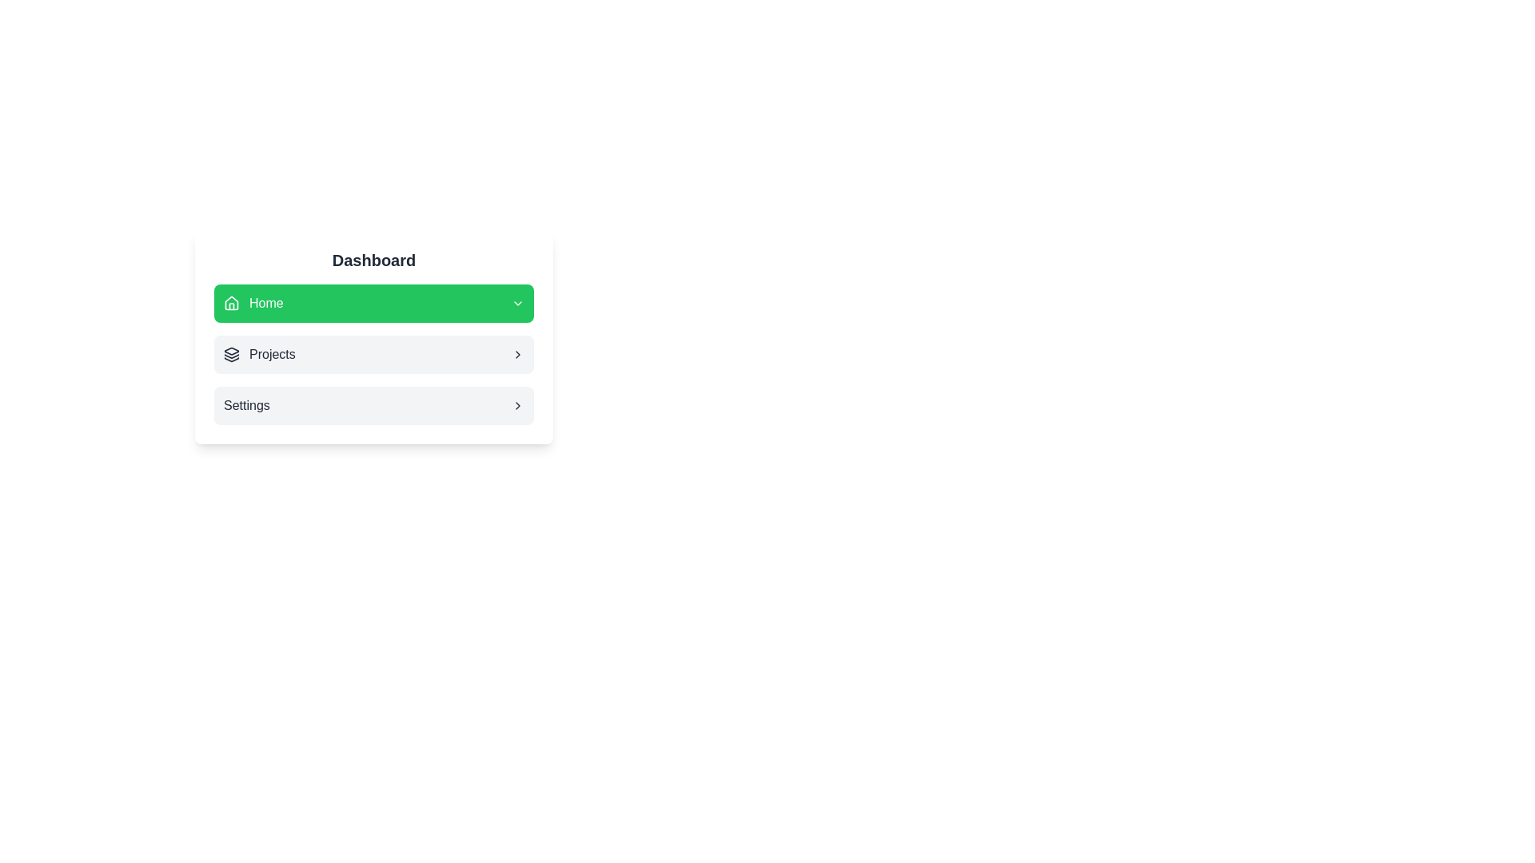 Image resolution: width=1535 pixels, height=863 pixels. What do you see at coordinates (230, 353) in the screenshot?
I see `the graphical icon representing stacked layers located to the left of the 'Projects' label in the horizontal menu` at bounding box center [230, 353].